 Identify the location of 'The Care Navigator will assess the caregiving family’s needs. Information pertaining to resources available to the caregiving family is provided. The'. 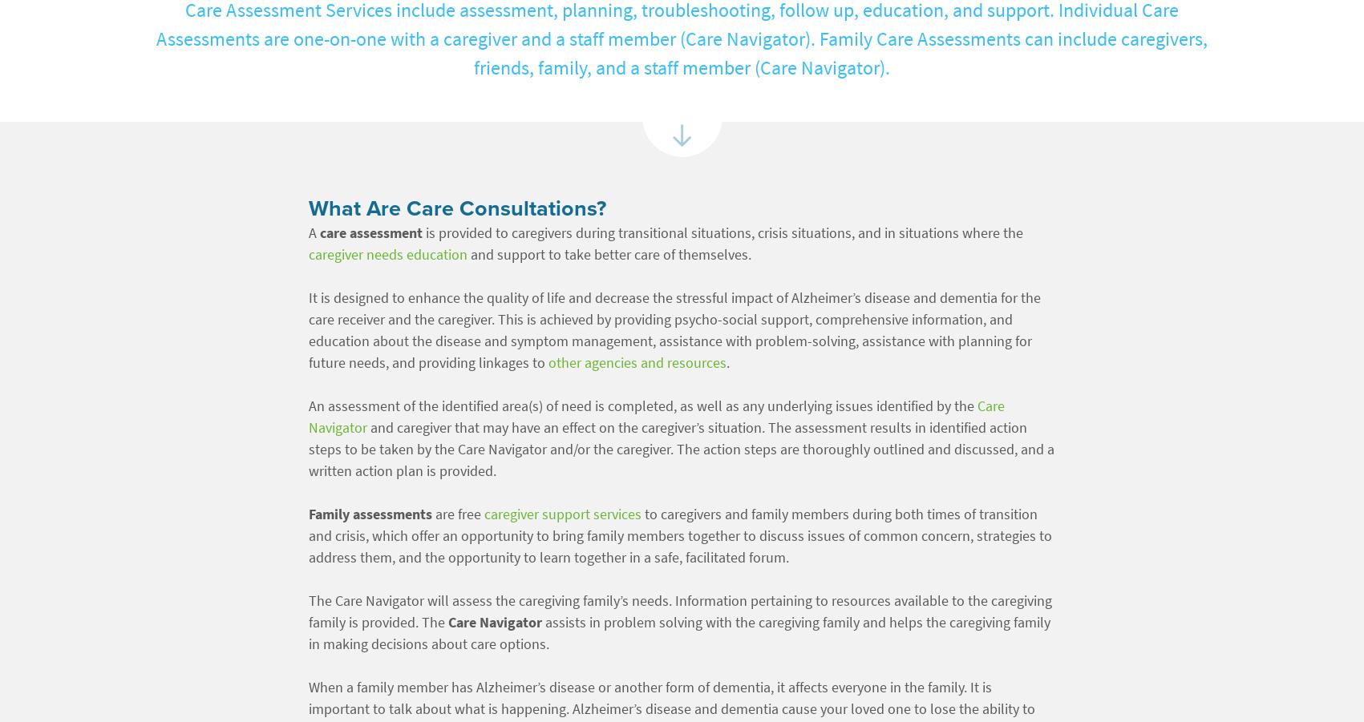
(679, 611).